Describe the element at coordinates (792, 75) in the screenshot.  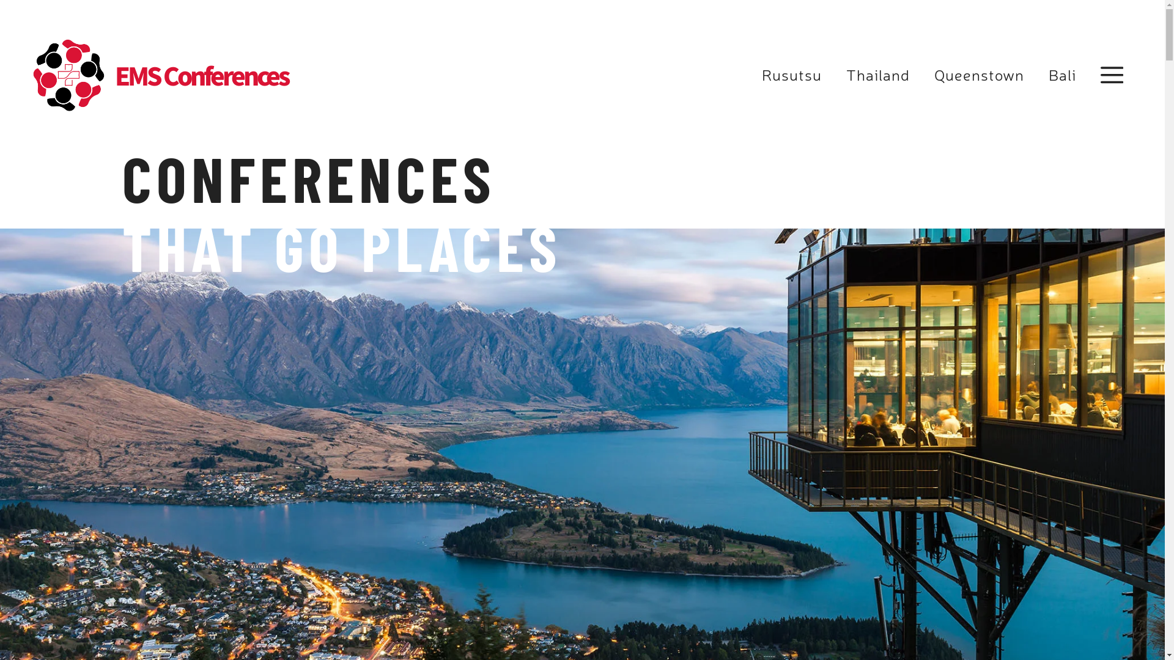
I see `'Rusutsu'` at that location.